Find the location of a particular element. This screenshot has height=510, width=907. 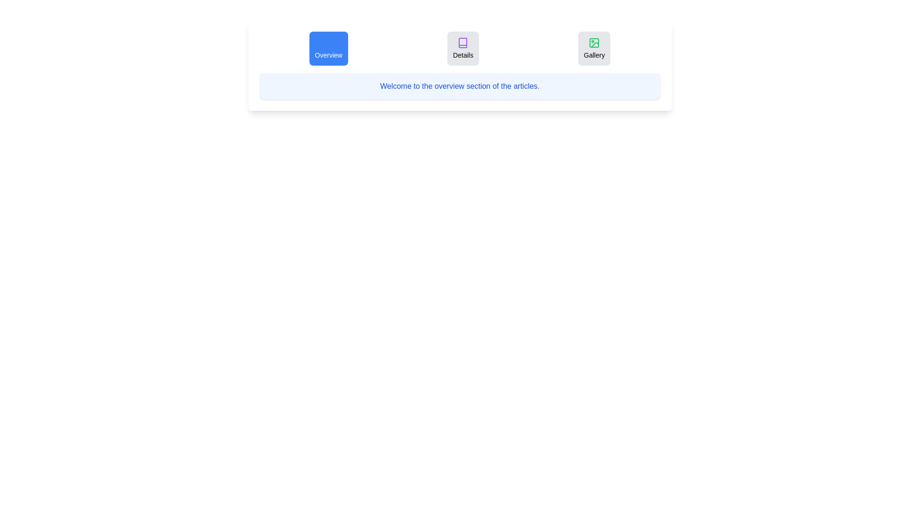

the tab labeled Gallery is located at coordinates (594, 49).